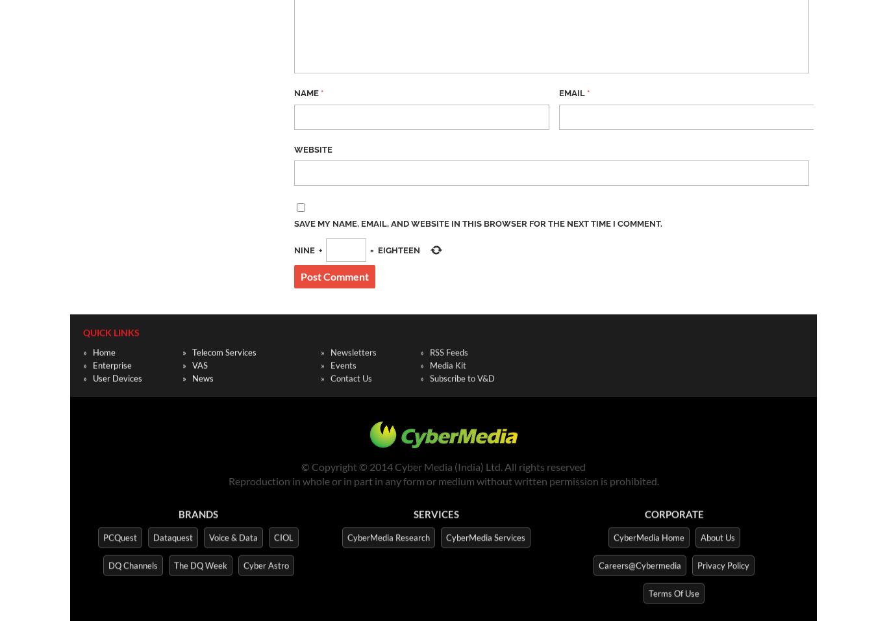  I want to click on 'CyberMedia Home', so click(648, 534).